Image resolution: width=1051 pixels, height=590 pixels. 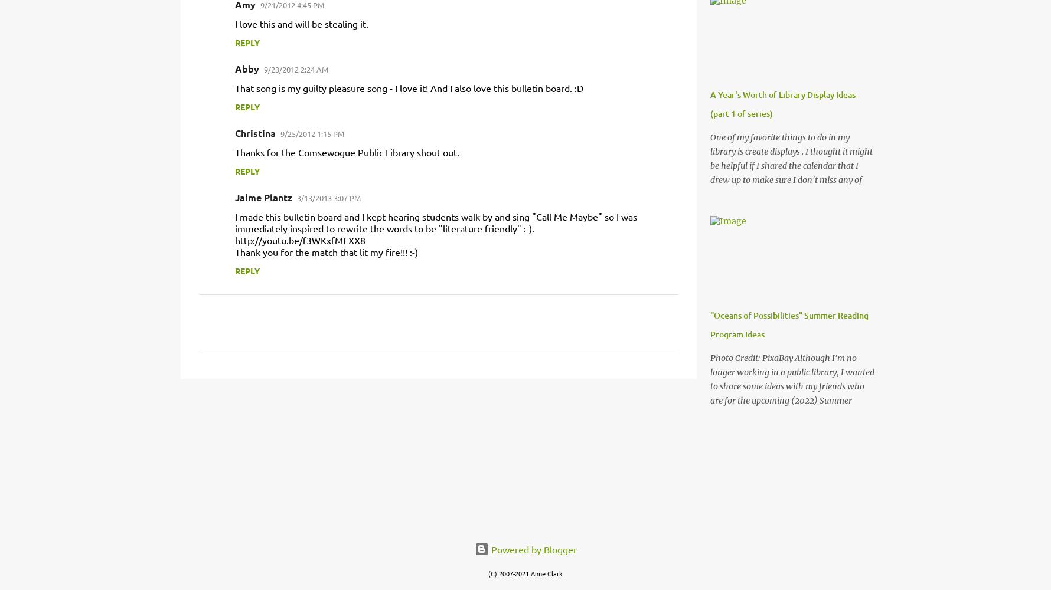 I want to click on '3/13/2013 3:07 PM', so click(x=328, y=197).